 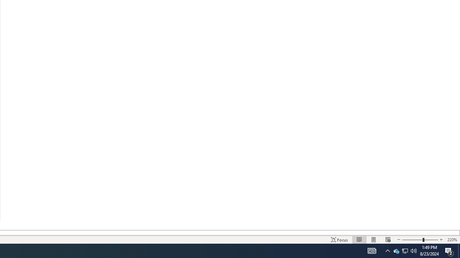 I want to click on 'Text Size', so click(x=420, y=240).